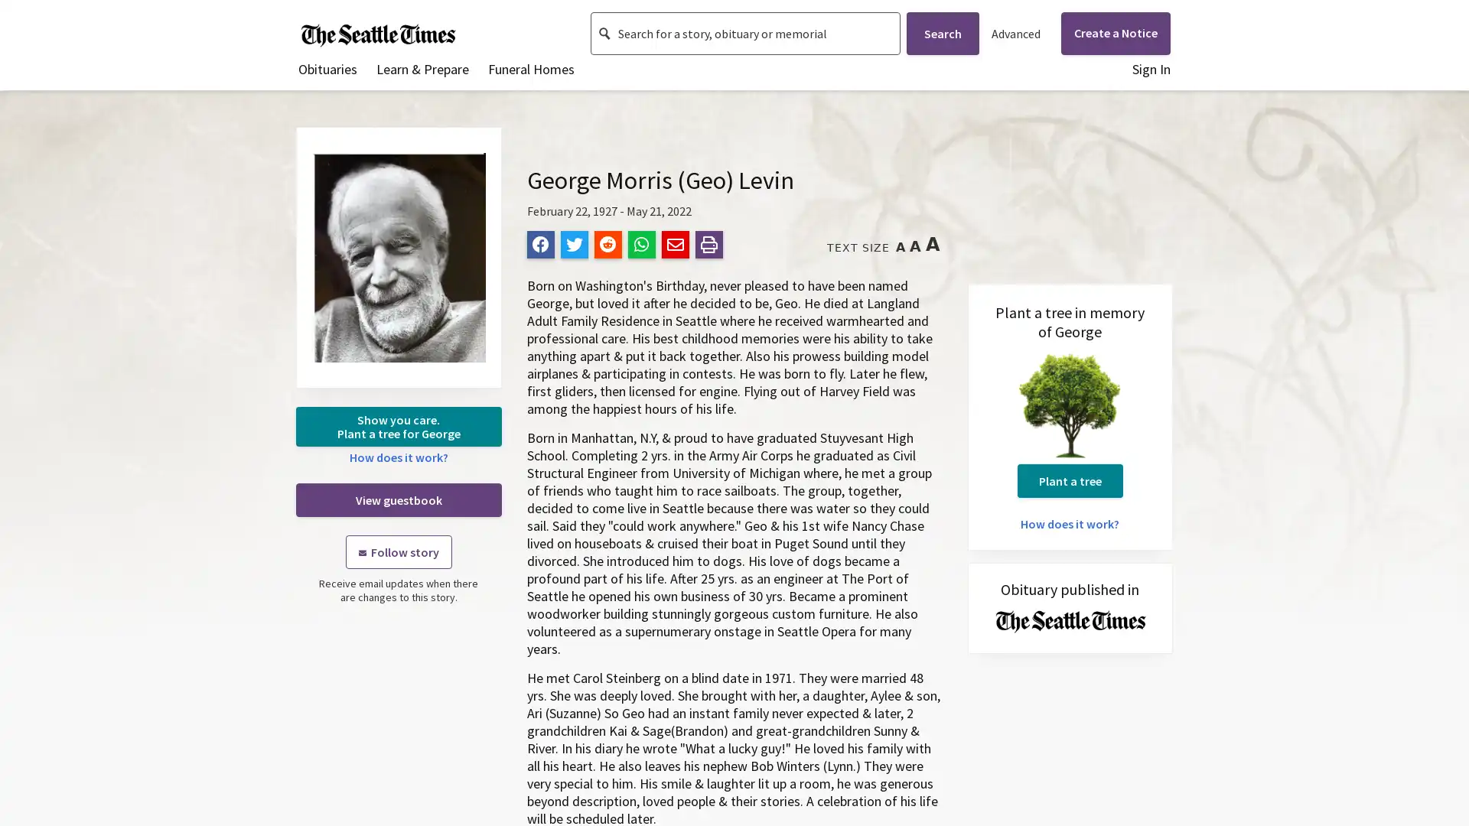 Image resolution: width=1469 pixels, height=826 pixels. I want to click on Normal font, so click(900, 247).